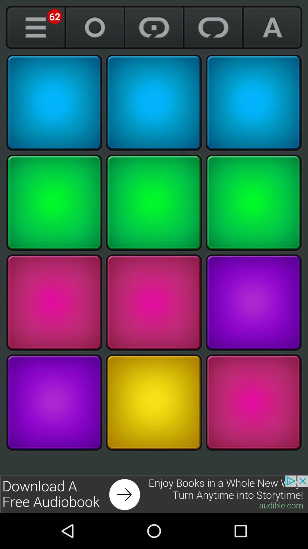 The image size is (308, 549). What do you see at coordinates (35, 27) in the screenshot?
I see `show more colours` at bounding box center [35, 27].